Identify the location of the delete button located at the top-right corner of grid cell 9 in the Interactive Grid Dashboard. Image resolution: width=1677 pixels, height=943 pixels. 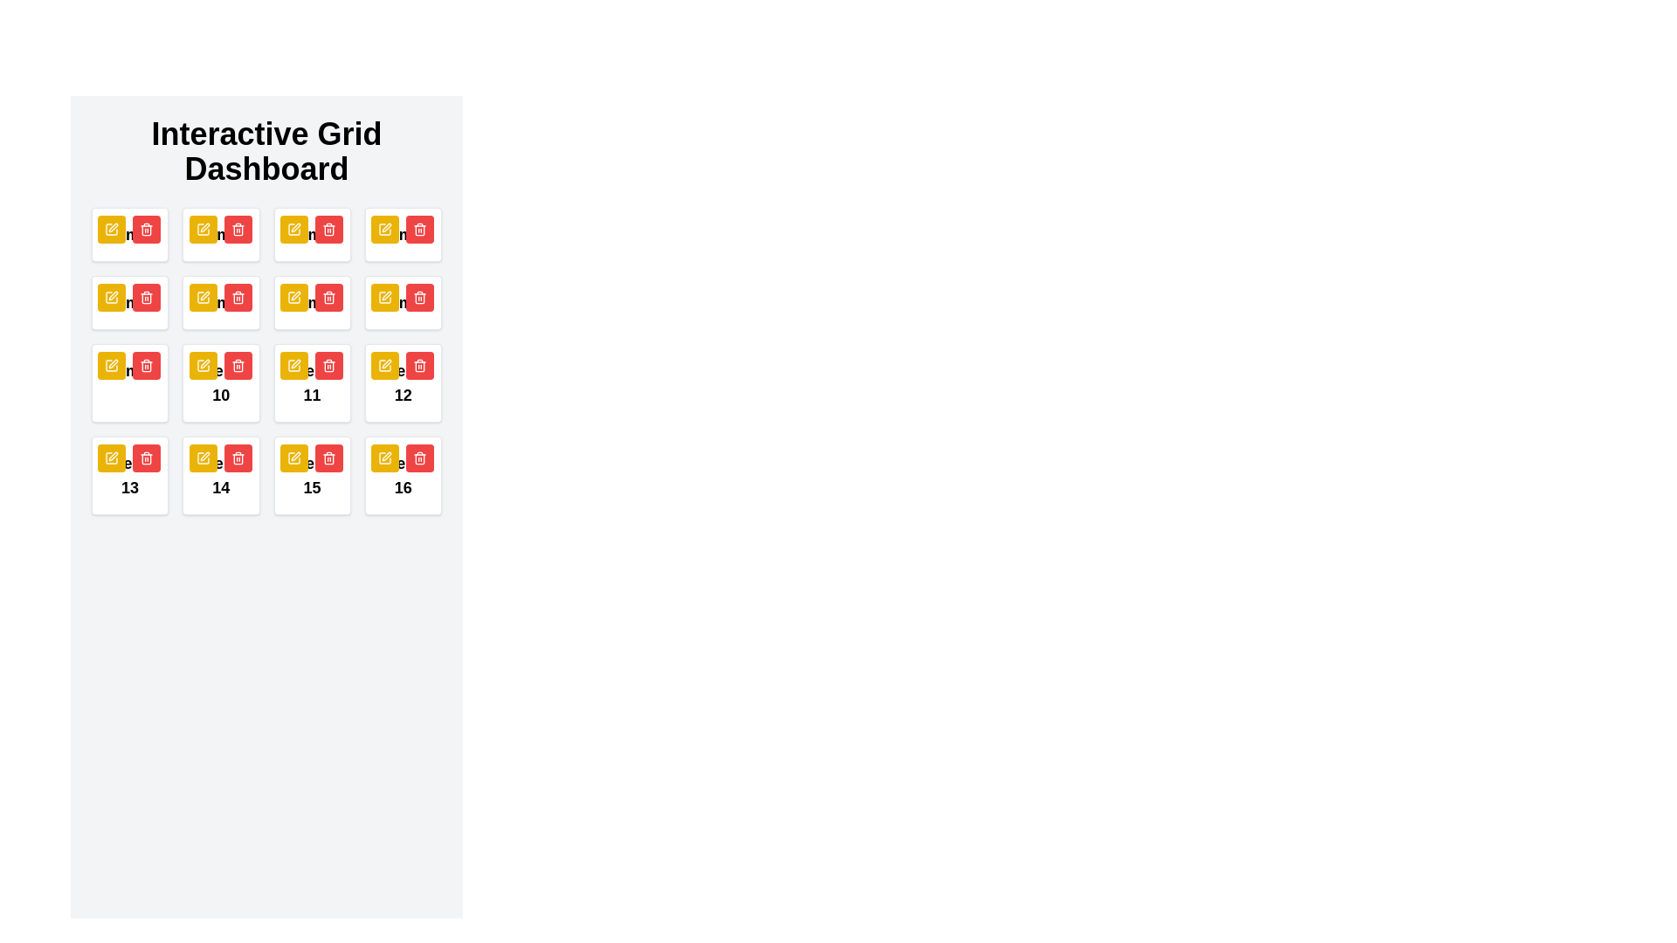
(147, 365).